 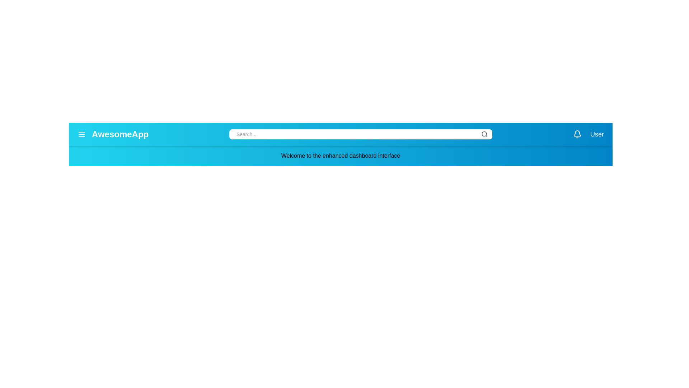 I want to click on the non-interactive text label located in the top-right section of the header bar, which serves as an identifier for a user section or profile, so click(x=597, y=134).